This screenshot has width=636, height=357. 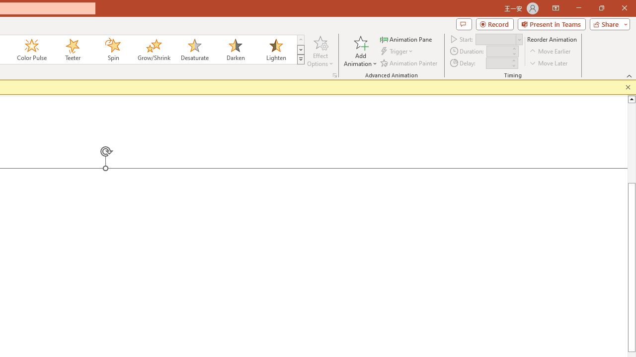 I want to click on 'Trigger', so click(x=397, y=51).